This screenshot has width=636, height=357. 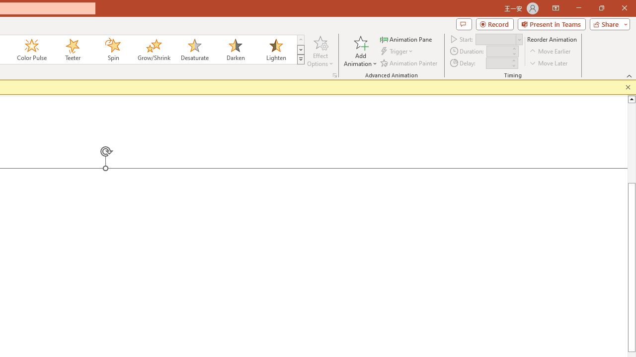 I want to click on 'Trigger', so click(x=397, y=51).